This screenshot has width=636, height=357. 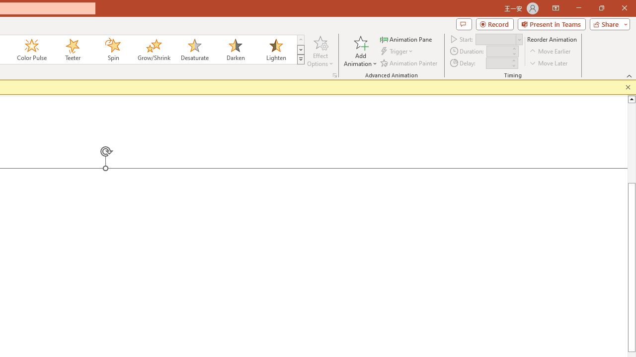 I want to click on 'Trigger', so click(x=397, y=51).